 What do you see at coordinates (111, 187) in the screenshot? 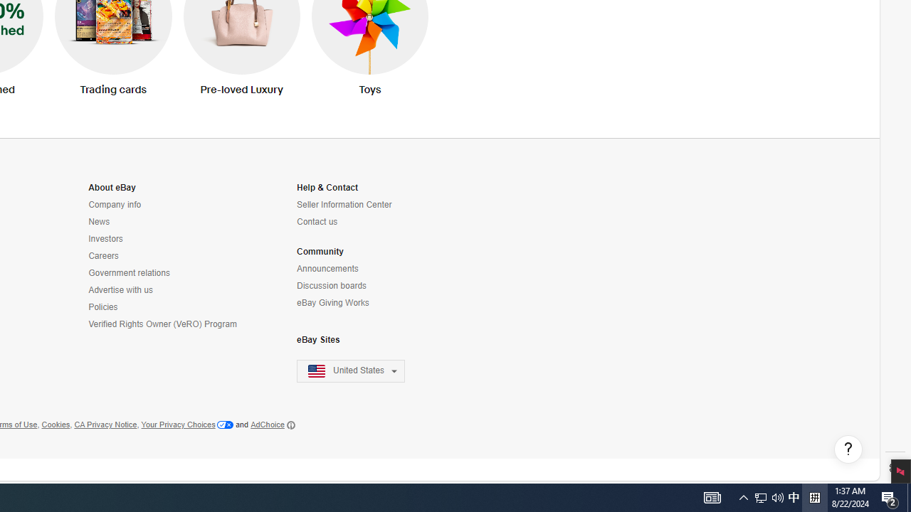
I see `'About eBay'` at bounding box center [111, 187].